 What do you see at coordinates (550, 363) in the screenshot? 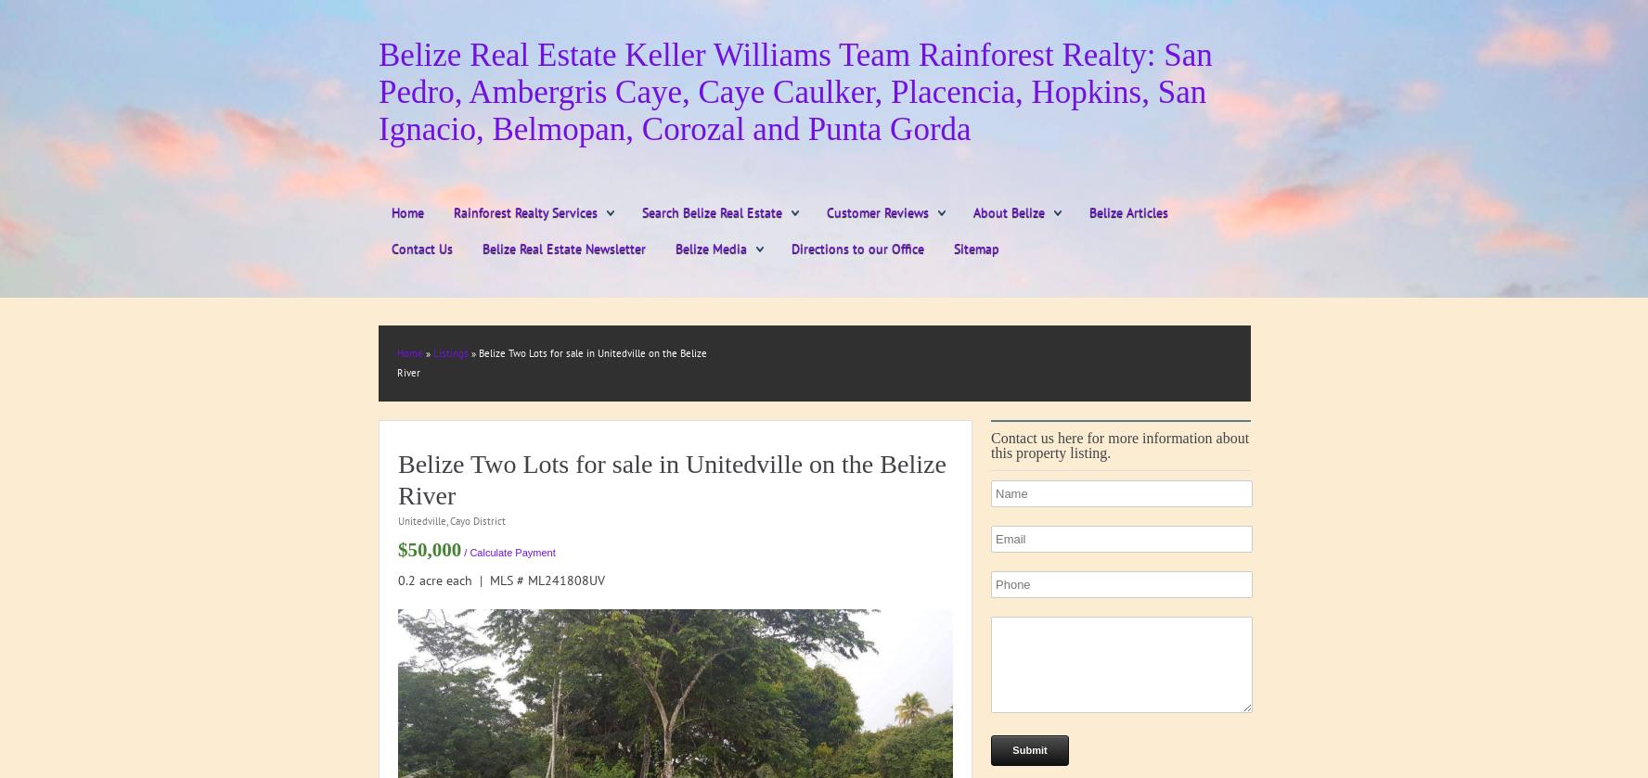
I see `'» Belize Two Lots for sale in Unitedville on the Belize River'` at bounding box center [550, 363].